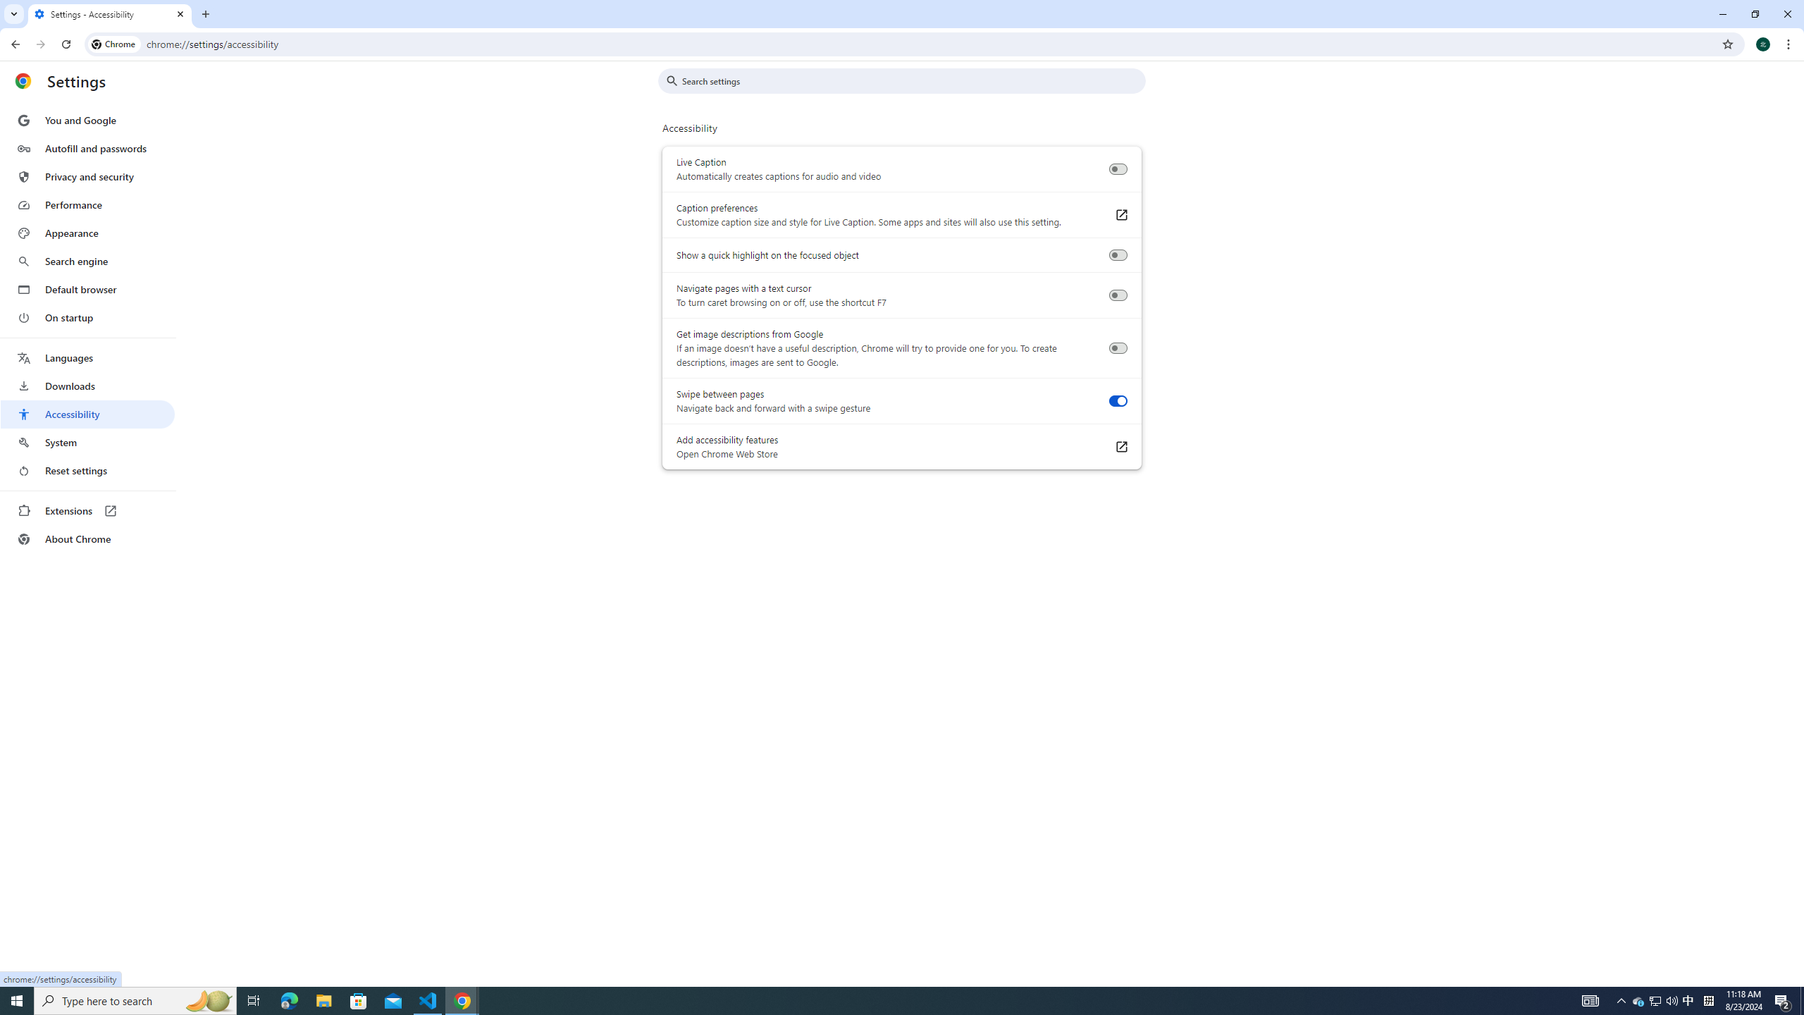  What do you see at coordinates (87, 386) in the screenshot?
I see `'Downloads'` at bounding box center [87, 386].